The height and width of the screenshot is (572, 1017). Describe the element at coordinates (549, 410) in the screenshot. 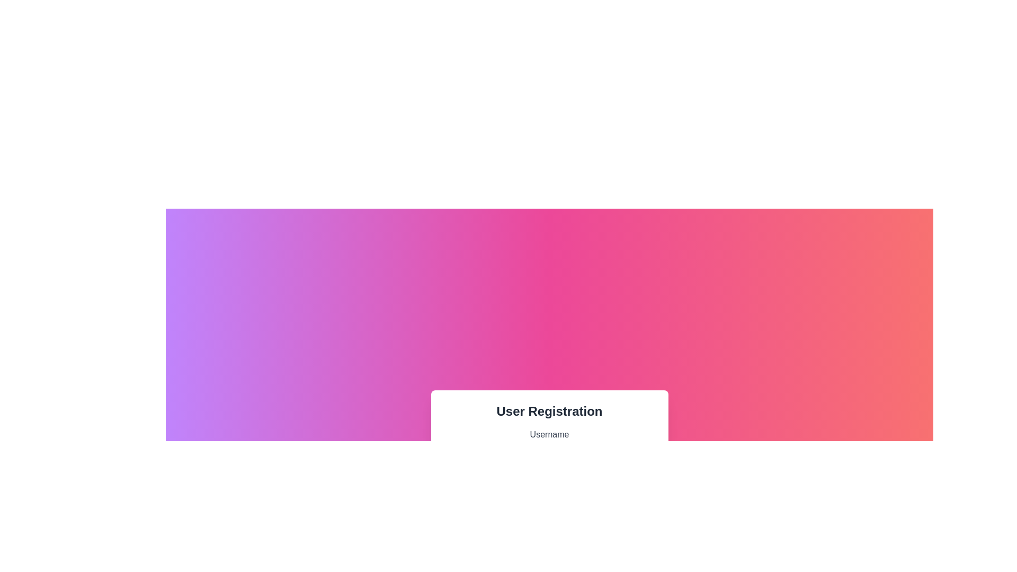

I see `the bold static text element displaying 'User Registration', which is positioned at the top of the form and is center-aligned` at that location.